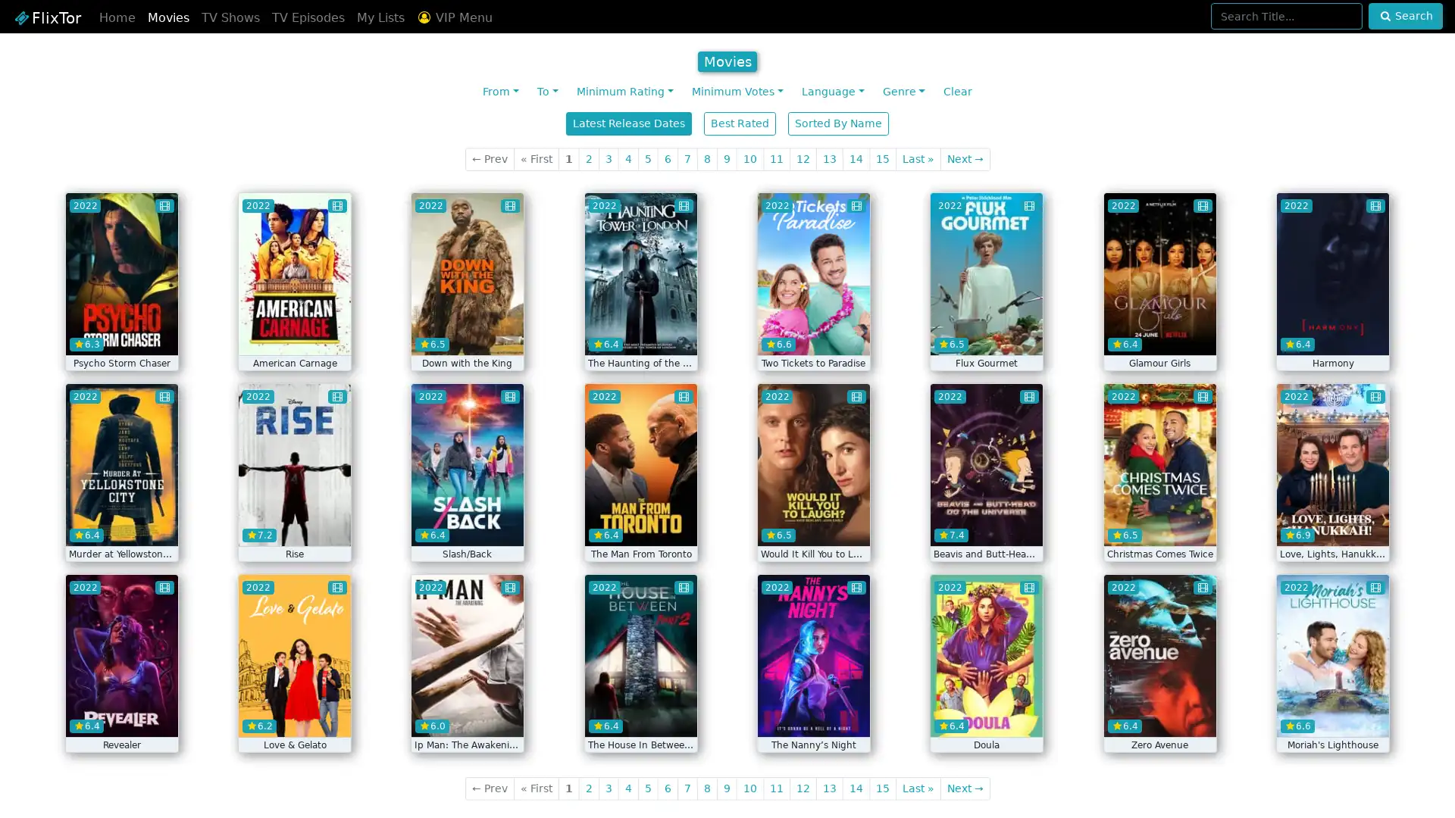 This screenshot has height=818, width=1455. What do you see at coordinates (1331, 332) in the screenshot?
I see `Watch Now` at bounding box center [1331, 332].